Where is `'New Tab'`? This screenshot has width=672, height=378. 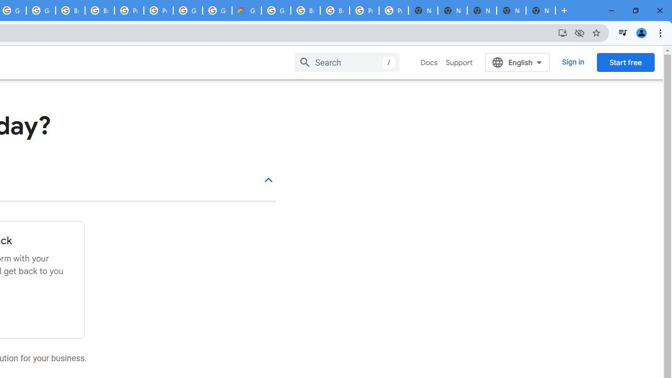 'New Tab' is located at coordinates (541, 10).